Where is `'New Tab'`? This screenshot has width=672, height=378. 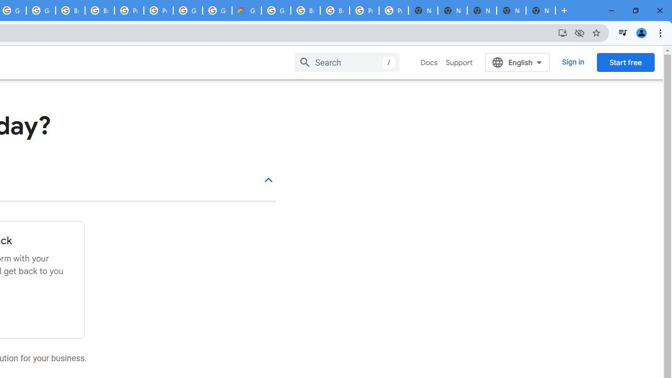 'New Tab' is located at coordinates (541, 10).